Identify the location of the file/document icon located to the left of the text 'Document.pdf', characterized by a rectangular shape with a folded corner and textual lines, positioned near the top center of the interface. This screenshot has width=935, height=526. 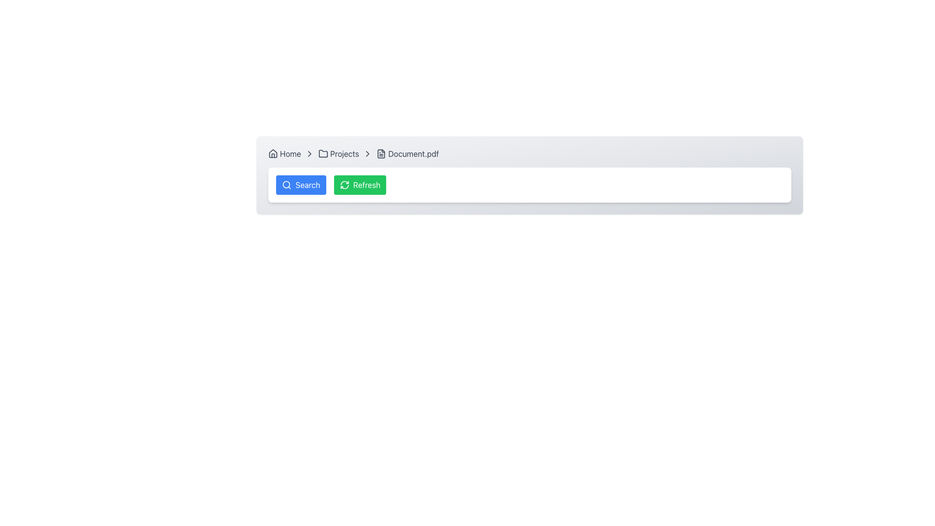
(381, 153).